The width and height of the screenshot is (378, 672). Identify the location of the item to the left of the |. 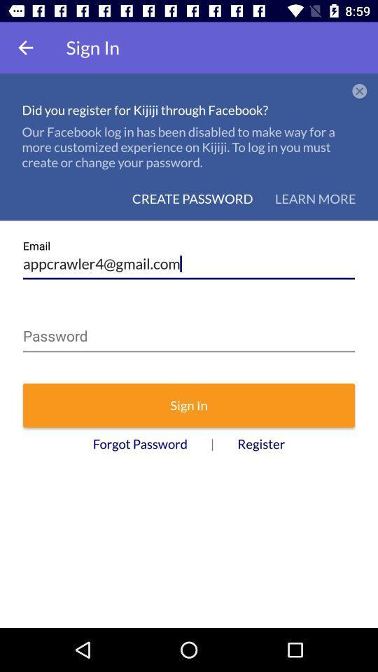
(140, 443).